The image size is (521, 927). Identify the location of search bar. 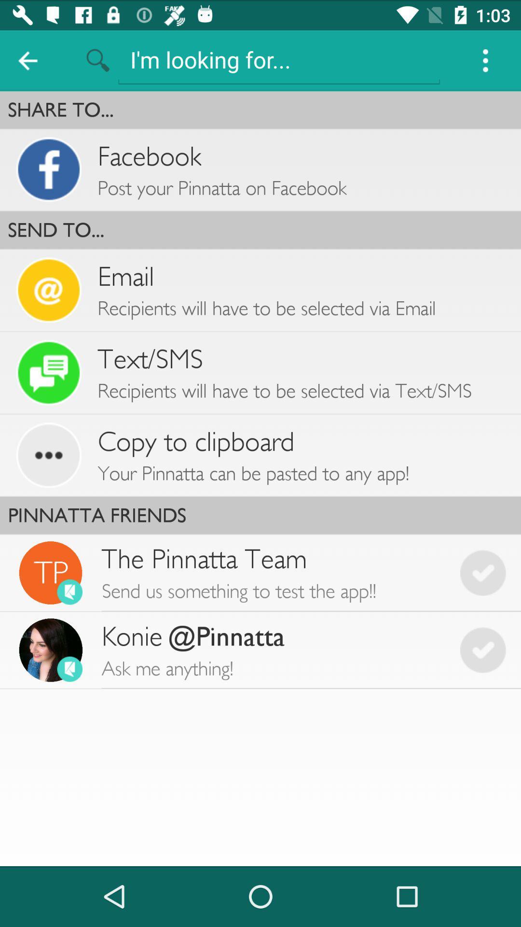
(279, 59).